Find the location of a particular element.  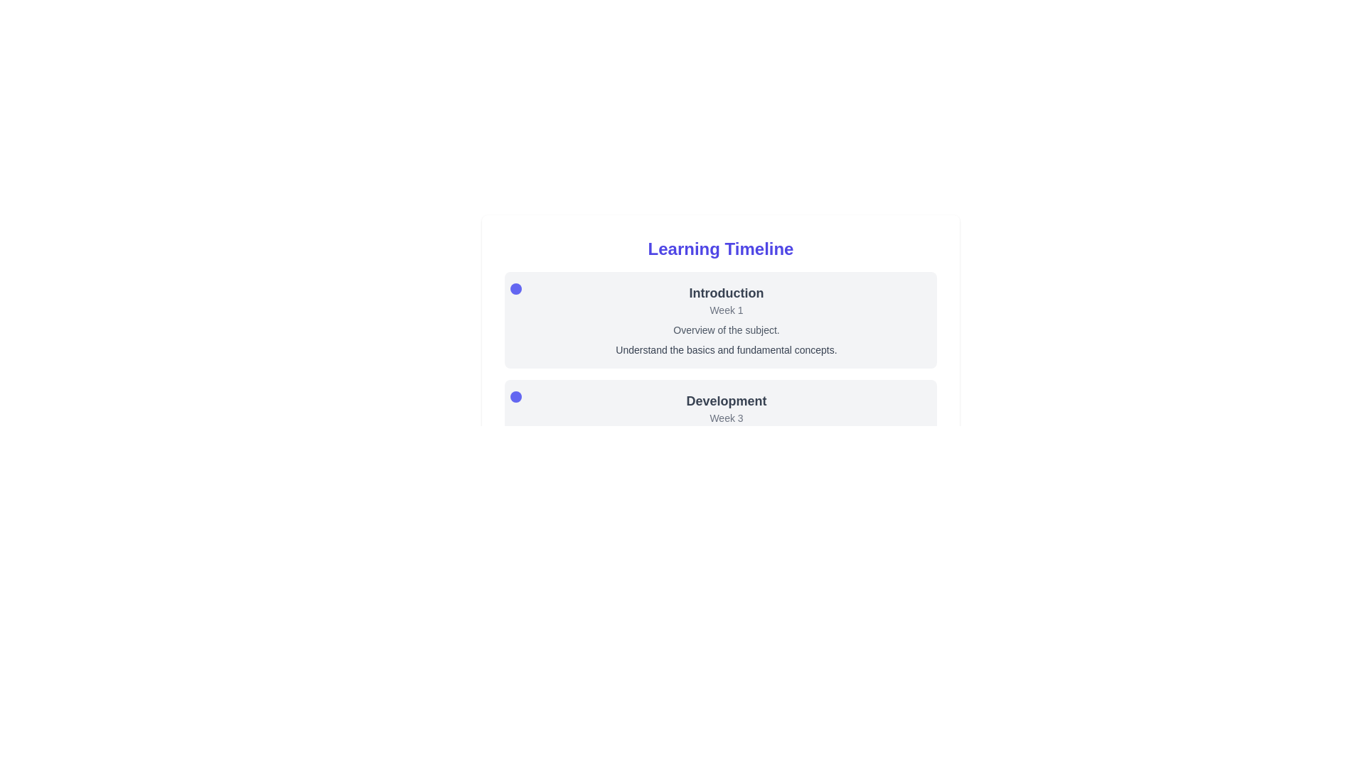

the text element that states 'Understand the basics and fundamental concepts.' which is styled with a smaller font size and medium-weight gray color, located at the bottom of a rectangular section containing introductory content is located at coordinates (727, 350).